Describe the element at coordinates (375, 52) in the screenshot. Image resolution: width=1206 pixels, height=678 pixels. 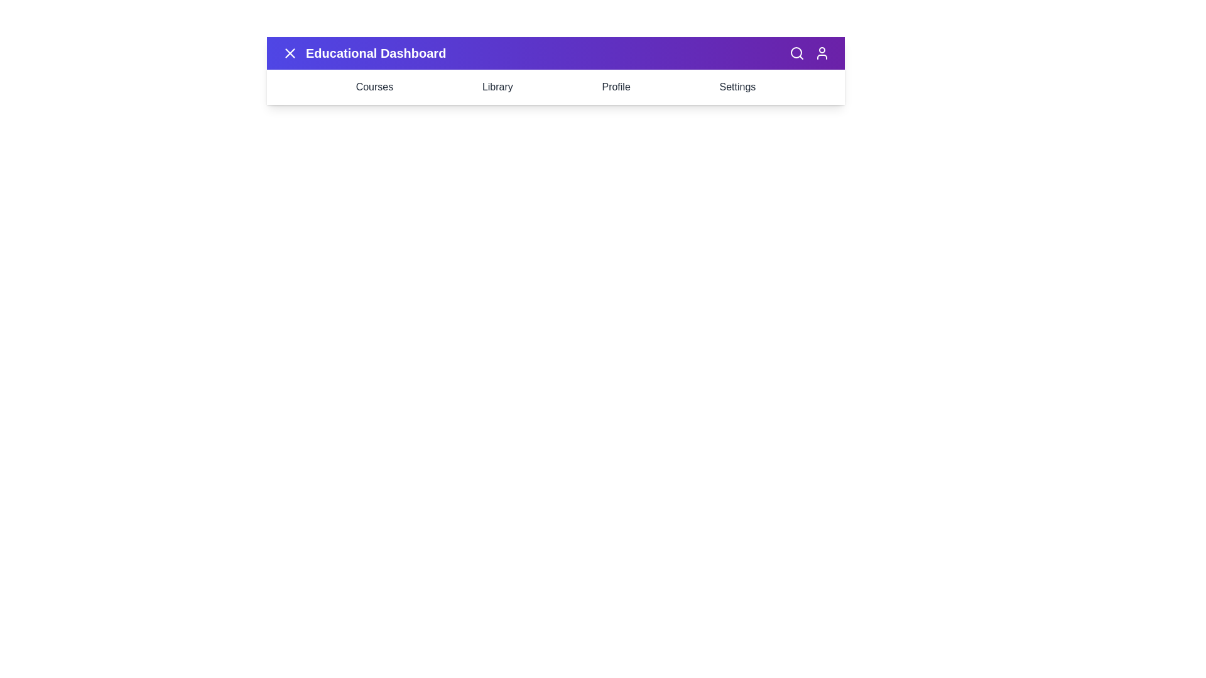
I see `the title 'Educational Dashboard' to highlight it` at that location.